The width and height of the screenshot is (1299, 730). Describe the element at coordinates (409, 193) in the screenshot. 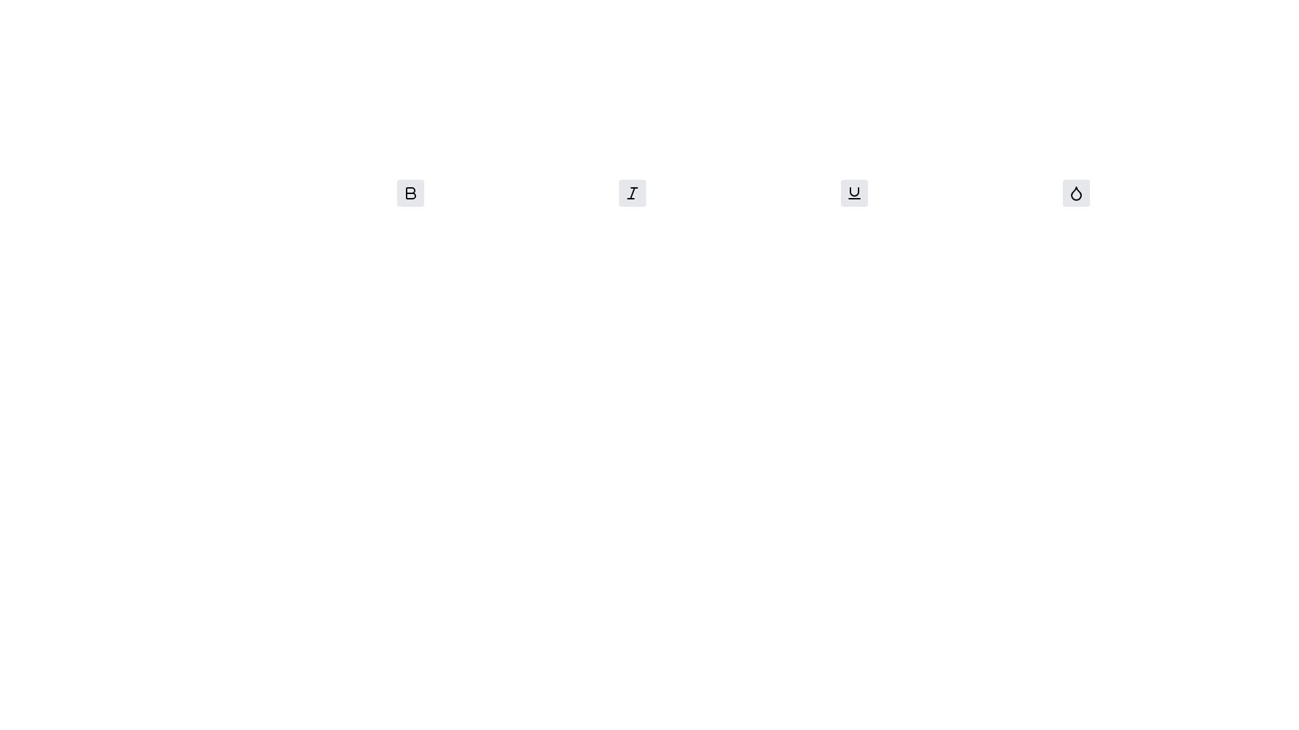

I see `the bold text formatting icon located centrally within the row of formatting options` at that location.